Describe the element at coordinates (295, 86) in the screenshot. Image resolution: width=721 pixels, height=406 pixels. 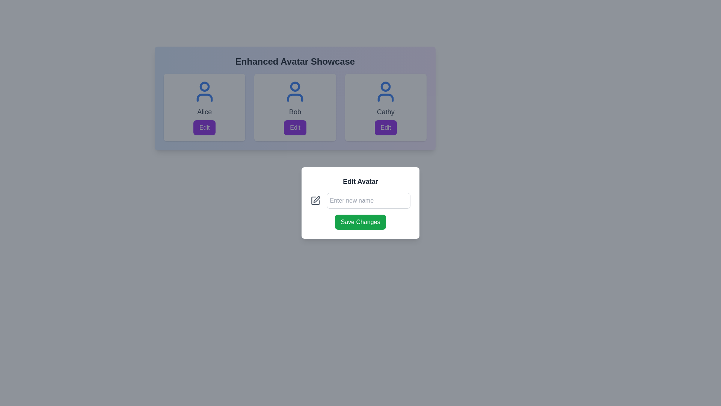
I see `the blue circle element in the SVG-based avatar illustration for 'Bob', located in the second card of the 'Enhanced Avatar Showcase' section` at that location.